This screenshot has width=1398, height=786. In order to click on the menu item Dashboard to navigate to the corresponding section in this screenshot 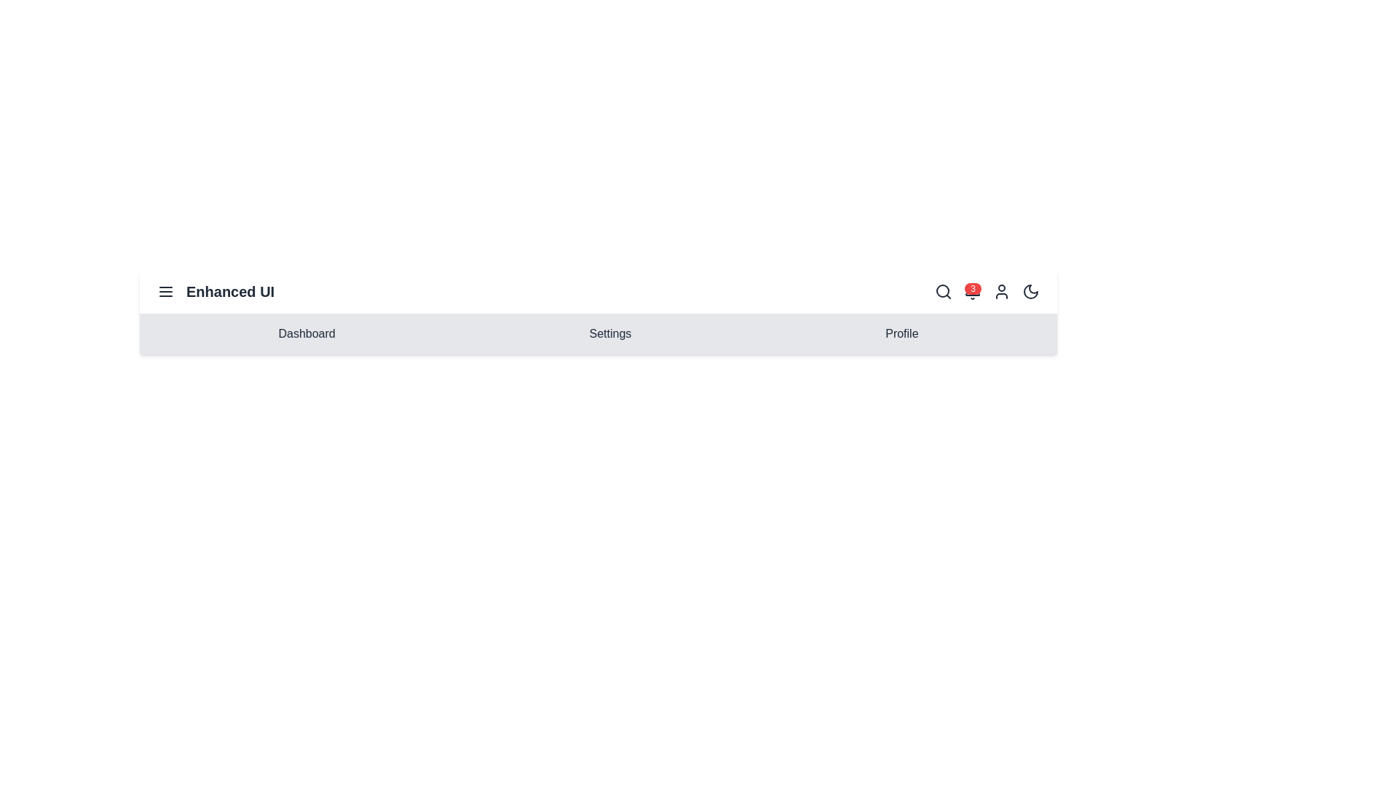, I will do `click(306, 334)`.